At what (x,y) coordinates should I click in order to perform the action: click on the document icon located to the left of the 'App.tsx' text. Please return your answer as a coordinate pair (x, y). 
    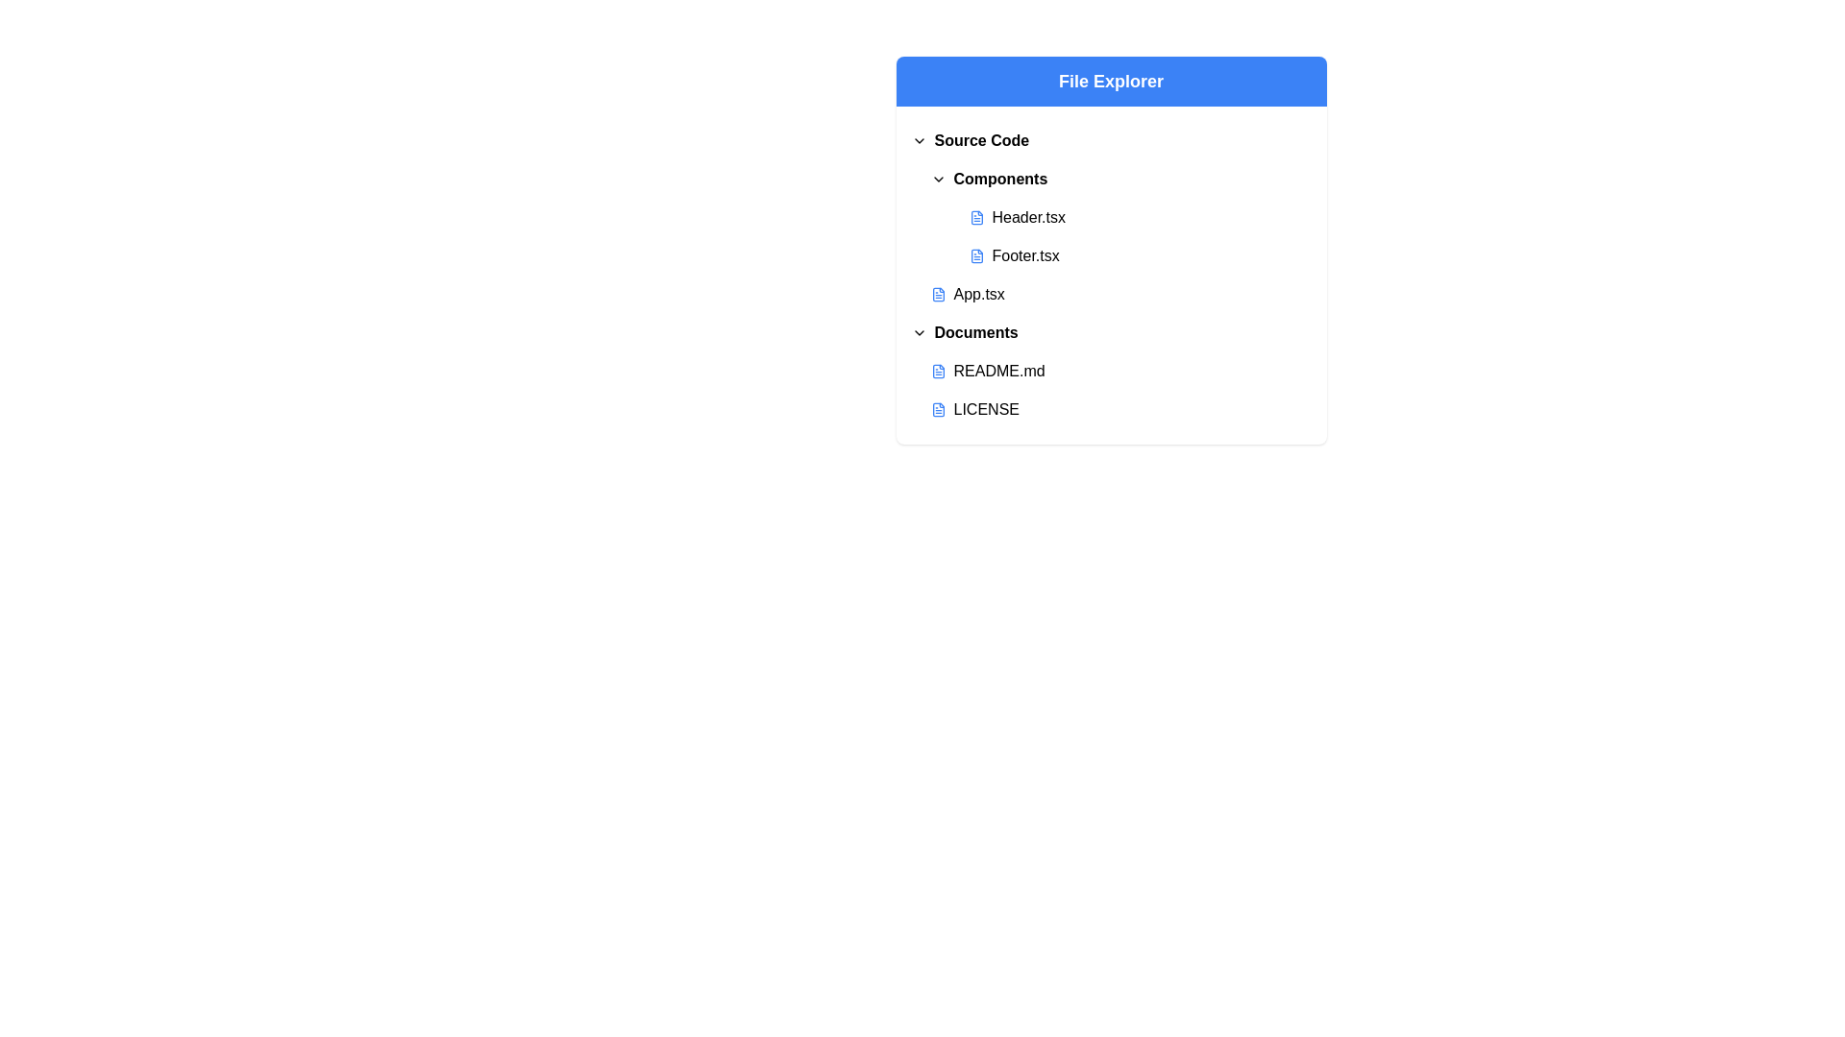
    Looking at the image, I should click on (938, 295).